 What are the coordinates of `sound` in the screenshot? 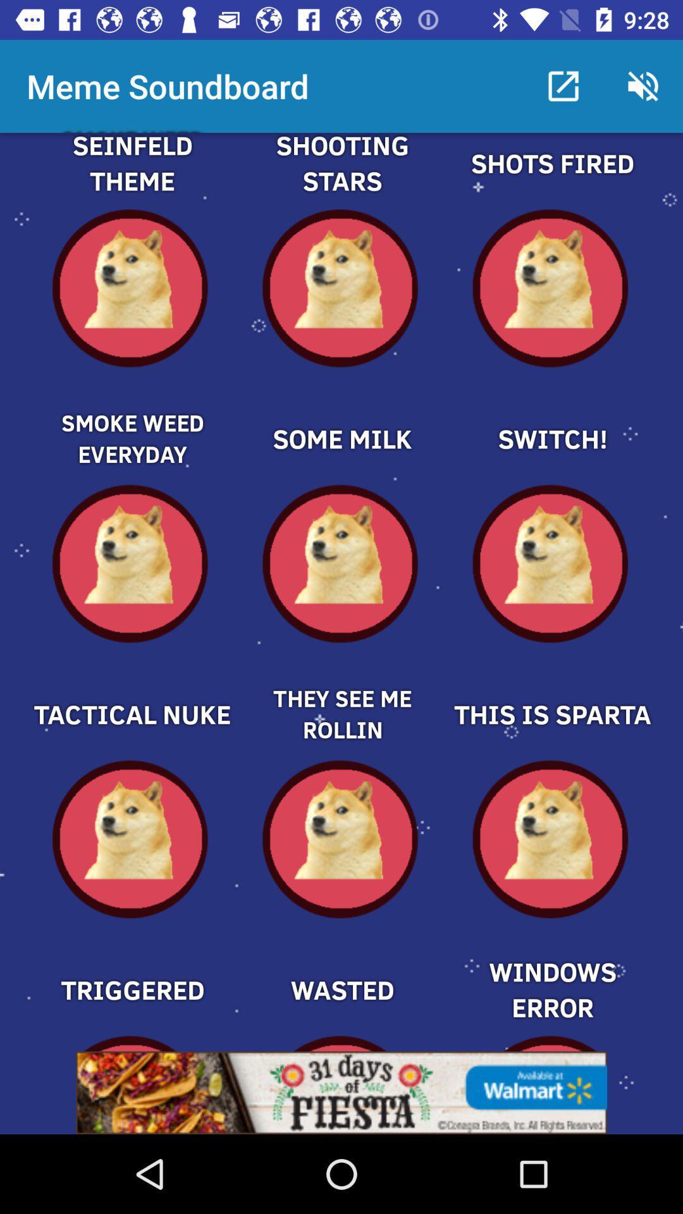 It's located at (341, 417).